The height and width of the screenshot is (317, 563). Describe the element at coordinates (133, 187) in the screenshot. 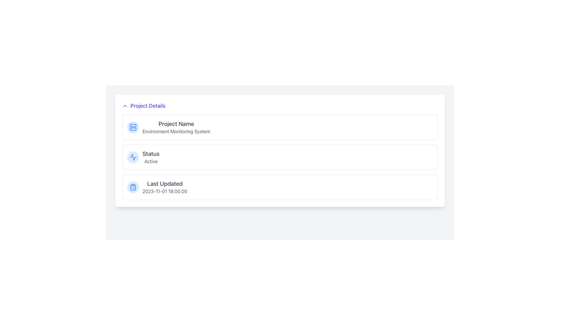

I see `the circular clipboard icon located at the leftmost part of the 'Last Updated' section to provide visual context` at that location.